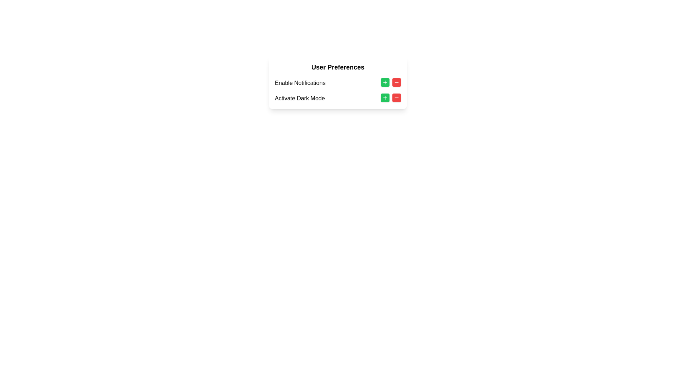 This screenshot has width=688, height=387. Describe the element at coordinates (300, 98) in the screenshot. I see `the 'Activate Dark Mode' text label, which is the leftmost component of the second row under the 'User Preferences' section` at that location.